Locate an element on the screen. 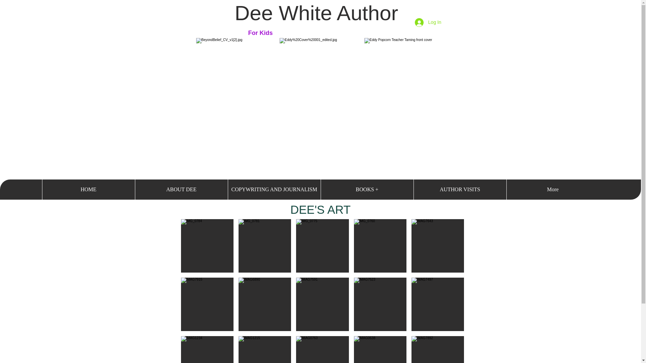 The height and width of the screenshot is (363, 646). 'ABOUT DEE' is located at coordinates (181, 189).